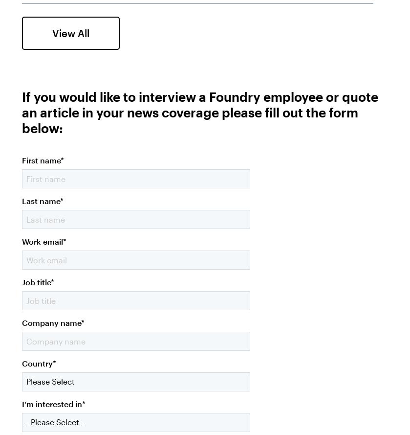 Image resolution: width=410 pixels, height=435 pixels. What do you see at coordinates (41, 200) in the screenshot?
I see `'Last name'` at bounding box center [41, 200].